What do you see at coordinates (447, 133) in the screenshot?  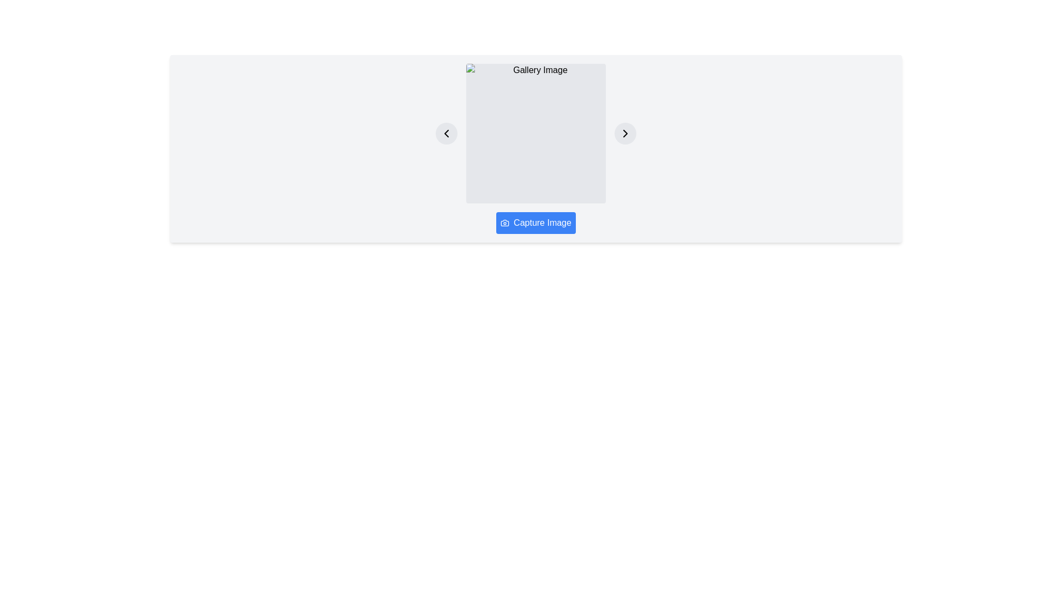 I see `the circular button with a light gray background and a leftward chevron icon` at bounding box center [447, 133].